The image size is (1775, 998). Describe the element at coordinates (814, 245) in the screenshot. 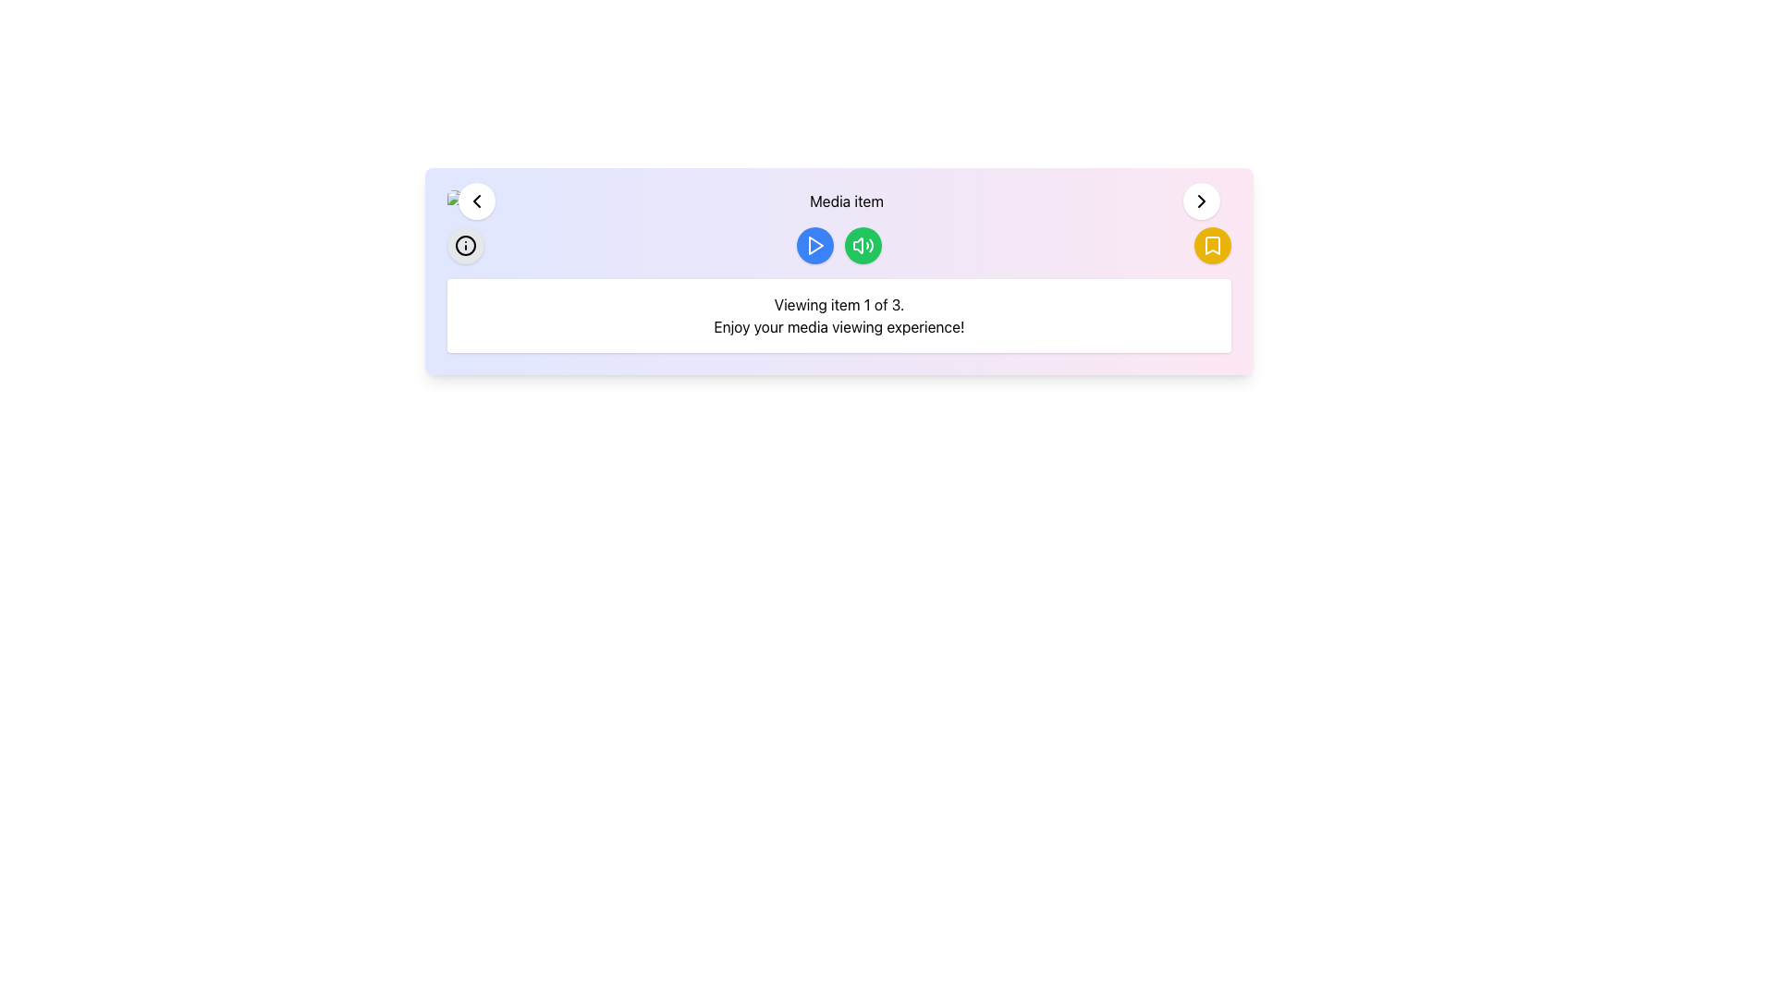

I see `the triangular play icon located at the center of a blue circular button to initiate playback` at that location.